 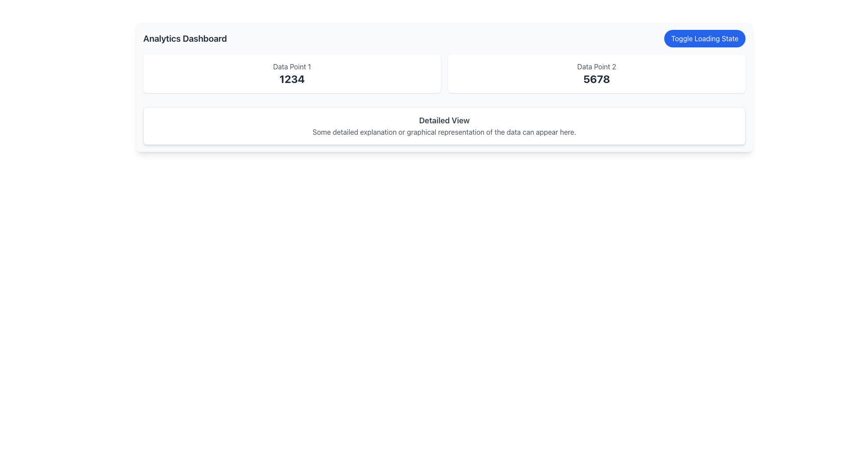 I want to click on value displayed in the large, bold text that reads '5678', located in the top-right quadrant below the text 'Data Point 2', so click(x=597, y=79).